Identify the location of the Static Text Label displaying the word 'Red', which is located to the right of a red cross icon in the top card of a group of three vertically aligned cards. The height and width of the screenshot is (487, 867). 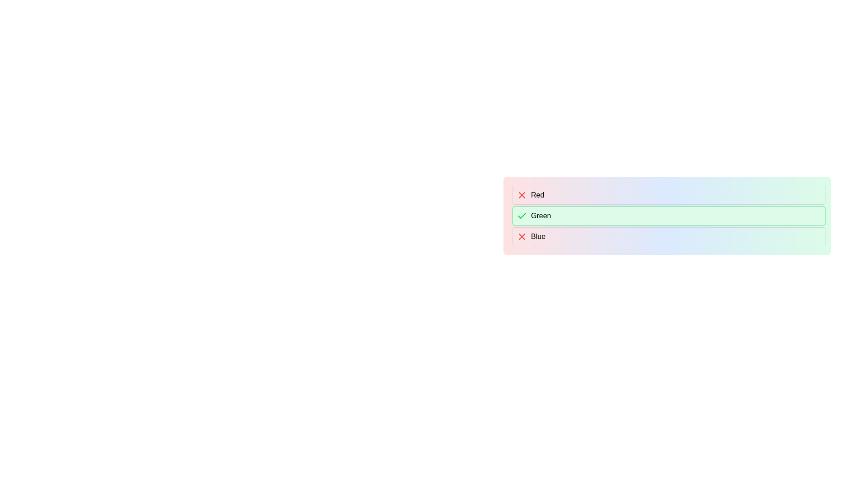
(537, 194).